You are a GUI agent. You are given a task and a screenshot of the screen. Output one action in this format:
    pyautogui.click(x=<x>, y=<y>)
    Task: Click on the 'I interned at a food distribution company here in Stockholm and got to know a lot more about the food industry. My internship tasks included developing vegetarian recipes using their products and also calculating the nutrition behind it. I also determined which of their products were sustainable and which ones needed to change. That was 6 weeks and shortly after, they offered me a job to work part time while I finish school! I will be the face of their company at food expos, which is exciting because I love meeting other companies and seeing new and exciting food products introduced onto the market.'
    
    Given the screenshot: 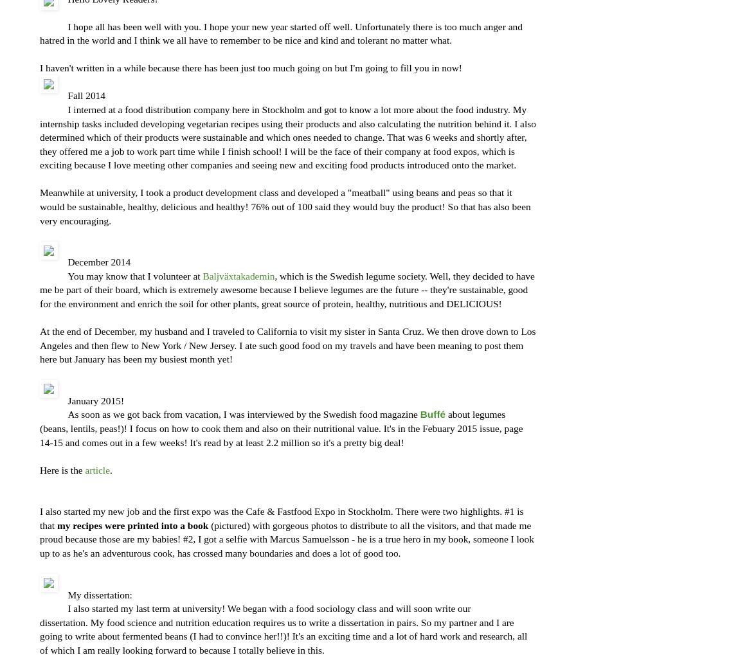 What is the action you would take?
    pyautogui.click(x=287, y=136)
    